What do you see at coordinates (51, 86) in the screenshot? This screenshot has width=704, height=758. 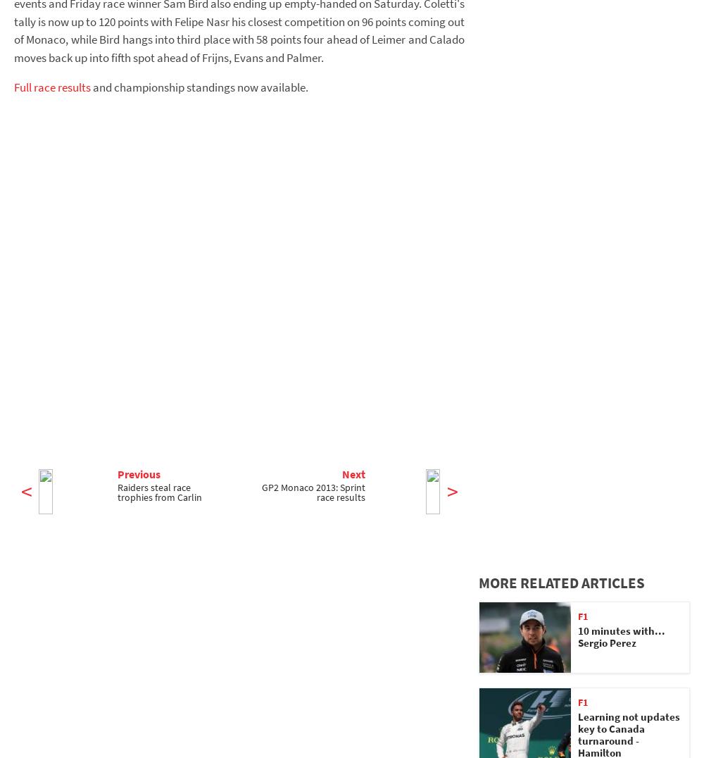 I see `'Full race results'` at bounding box center [51, 86].